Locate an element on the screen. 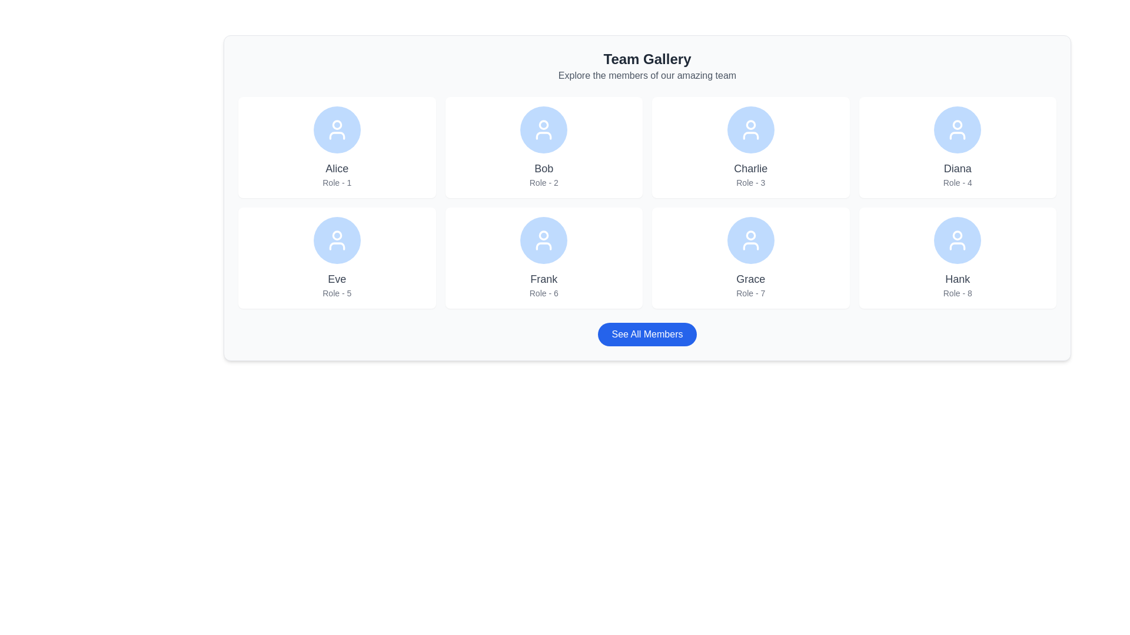 The height and width of the screenshot is (635, 1130). the text label reading 'Role - 6', which is styled in gray and positioned below the name 'Frank' in the card belonging to him is located at coordinates (543, 292).